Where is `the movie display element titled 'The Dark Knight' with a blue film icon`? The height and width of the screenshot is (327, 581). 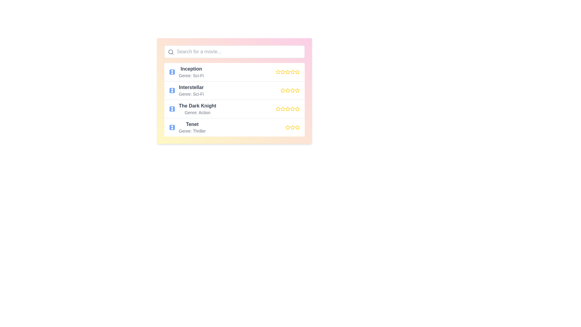 the movie display element titled 'The Dark Knight' with a blue film icon is located at coordinates (192, 108).